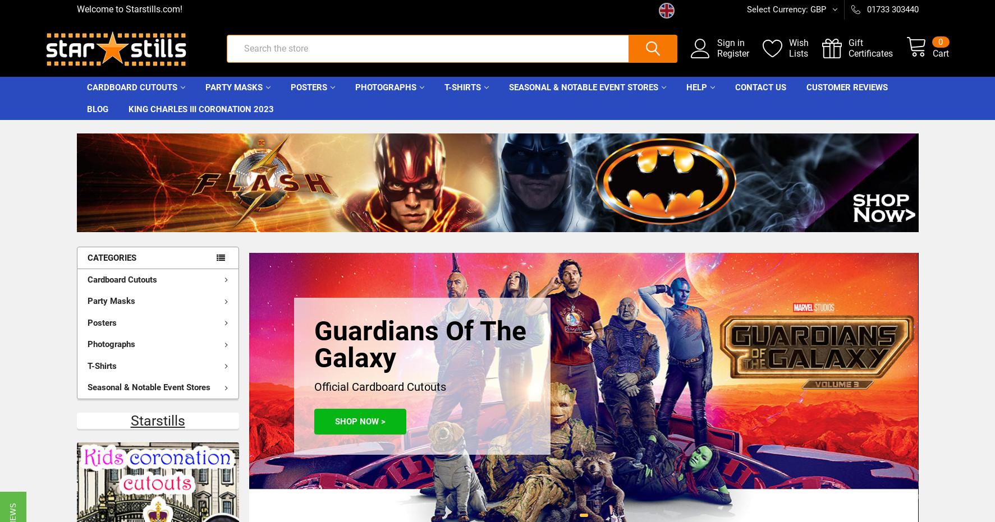 The height and width of the screenshot is (522, 995). Describe the element at coordinates (420, 353) in the screenshot. I see `'Guardians Of The Galaxy'` at that location.